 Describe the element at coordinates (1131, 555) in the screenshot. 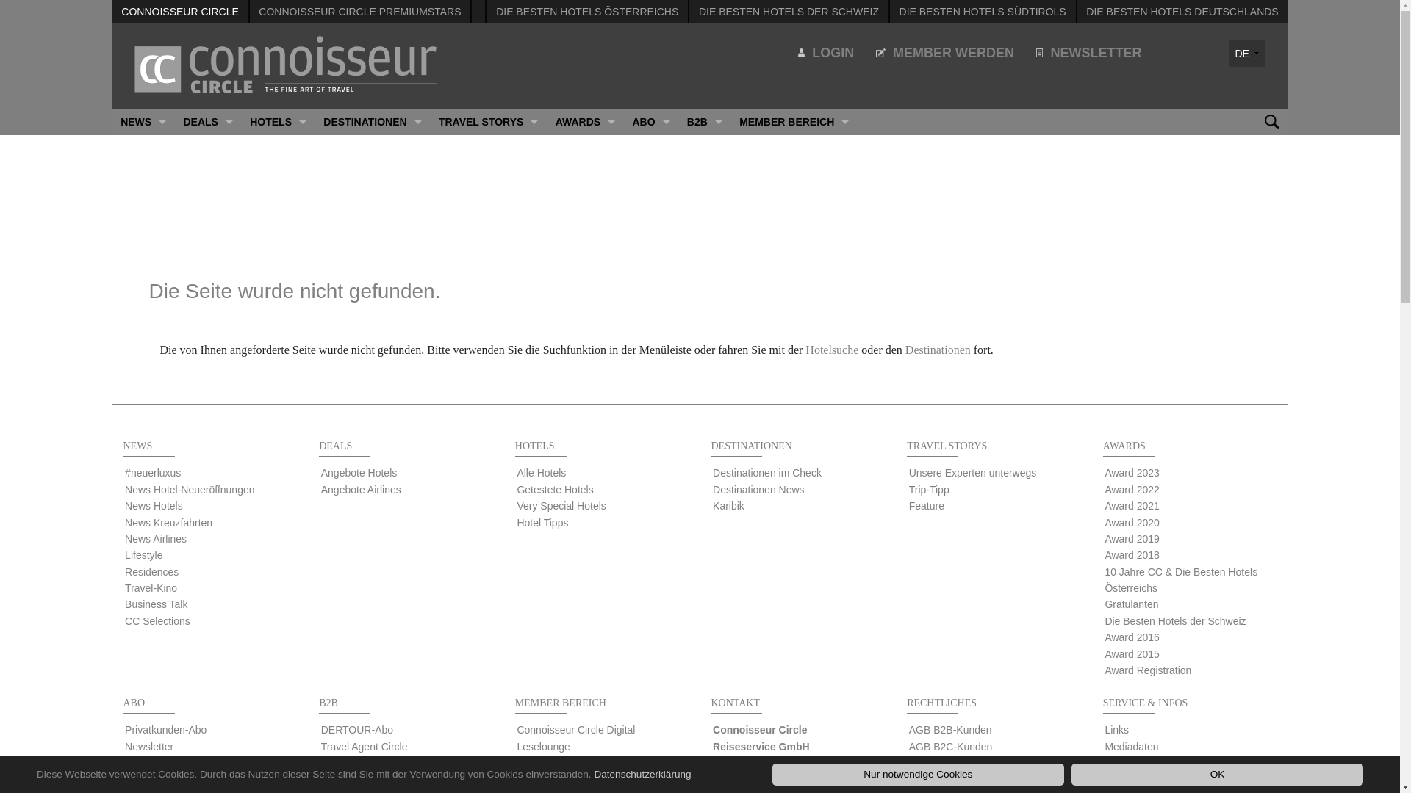

I see `'Award 2018'` at that location.